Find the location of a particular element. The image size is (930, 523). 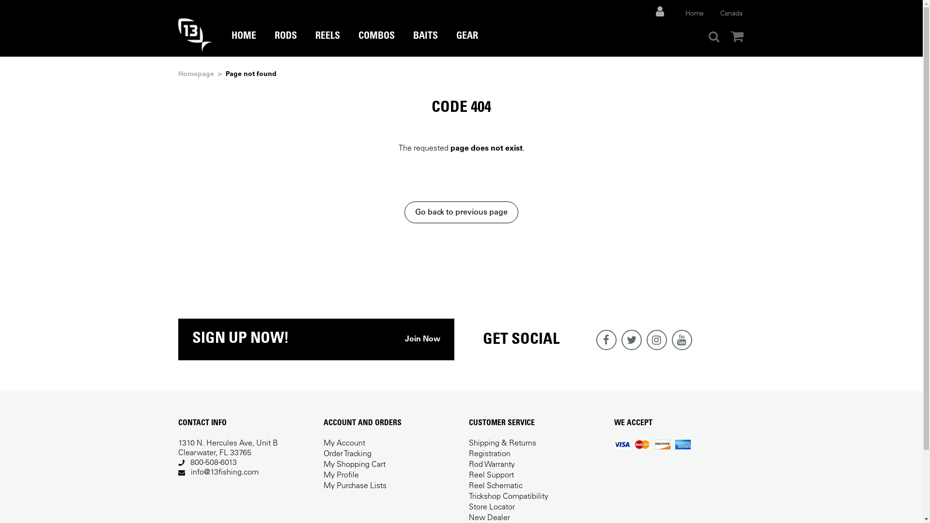

'My Purchase Lists' is located at coordinates (323, 486).